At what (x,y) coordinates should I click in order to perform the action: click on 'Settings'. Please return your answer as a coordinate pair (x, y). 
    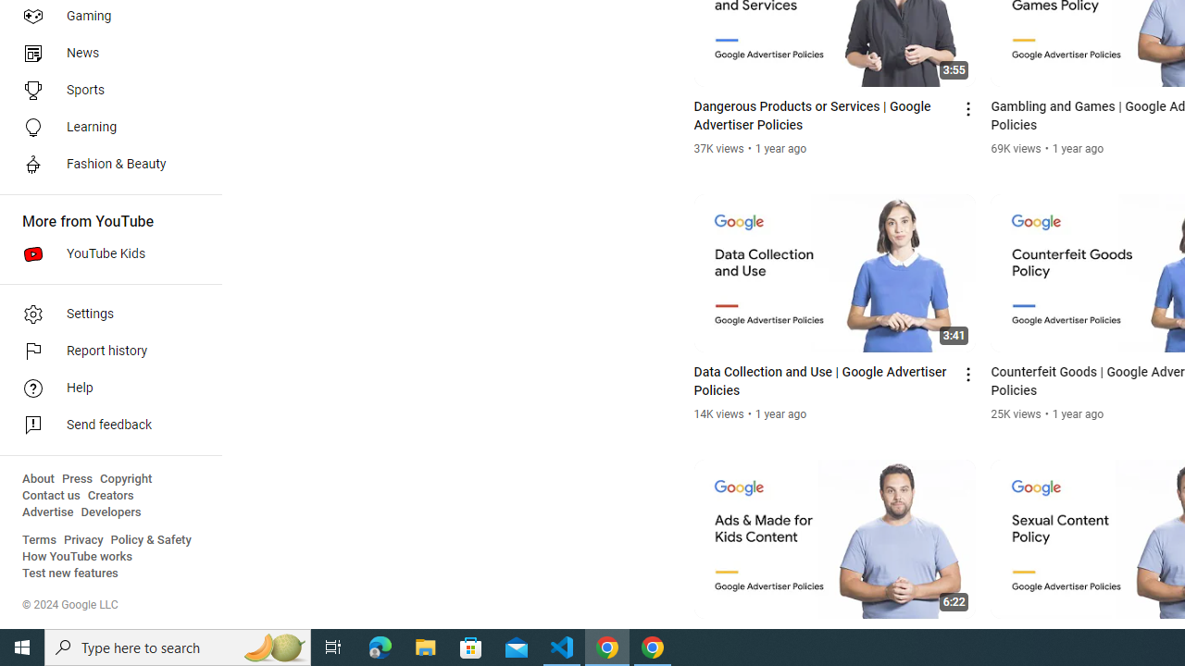
    Looking at the image, I should click on (104, 313).